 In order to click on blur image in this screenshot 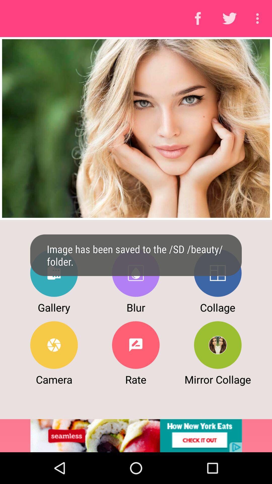, I will do `click(135, 273)`.